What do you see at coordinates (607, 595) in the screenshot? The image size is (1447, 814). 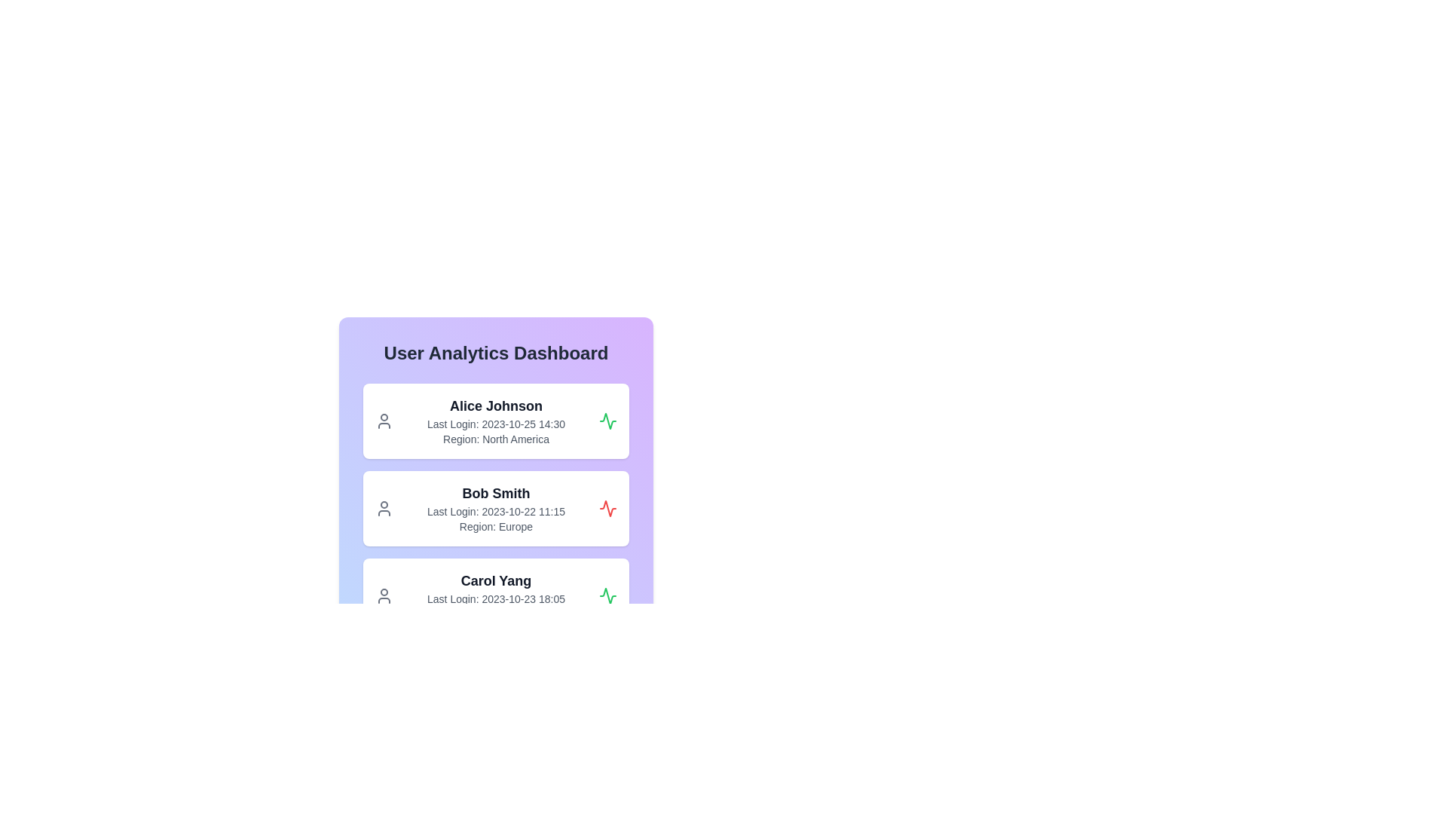 I see `the status indicator icon located at the far right of the user information section` at bounding box center [607, 595].